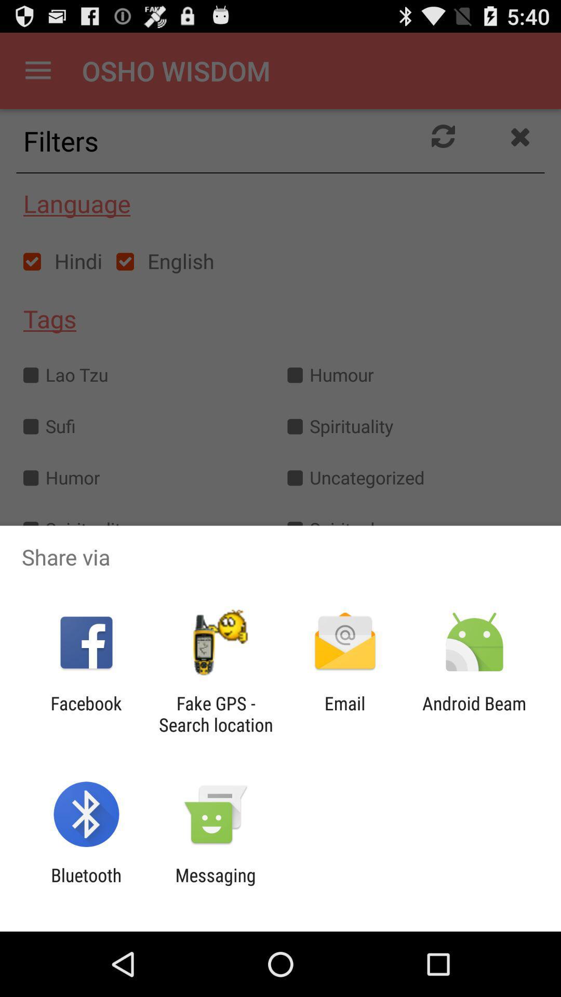 This screenshot has height=997, width=561. What do you see at coordinates (215, 713) in the screenshot?
I see `the fake gps search` at bounding box center [215, 713].